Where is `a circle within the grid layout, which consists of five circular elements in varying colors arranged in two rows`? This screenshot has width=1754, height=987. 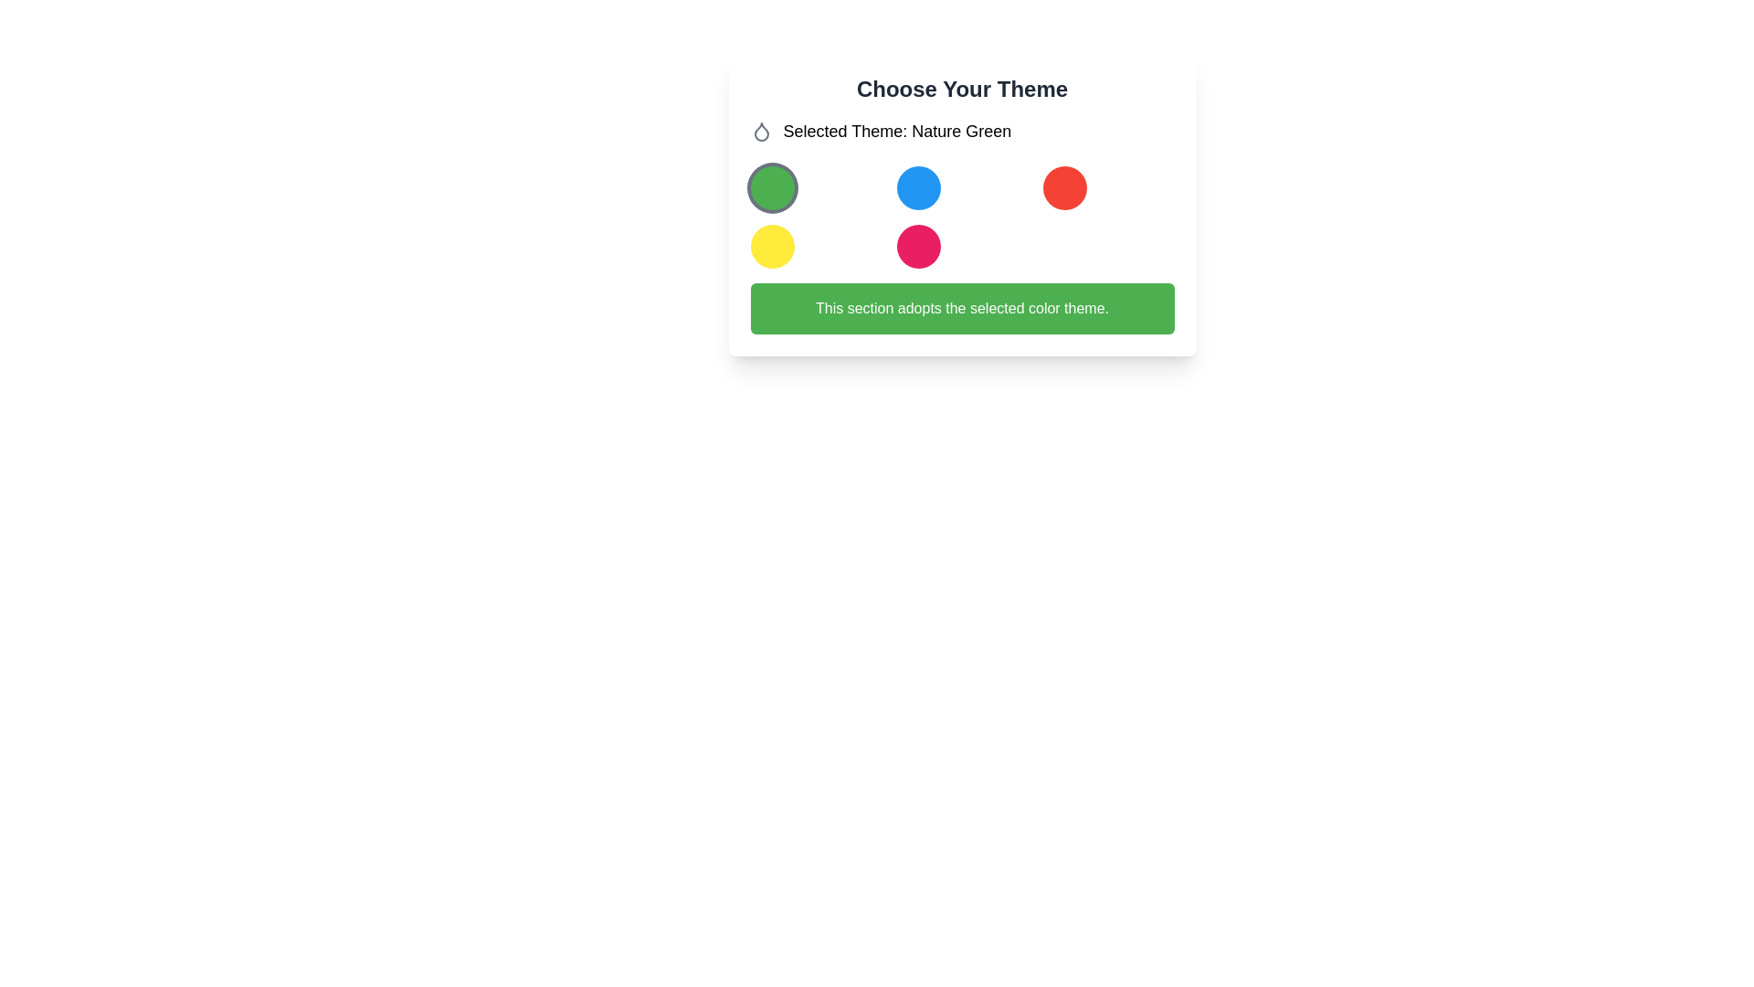
a circle within the grid layout, which consists of five circular elements in varying colors arranged in two rows is located at coordinates (961, 217).